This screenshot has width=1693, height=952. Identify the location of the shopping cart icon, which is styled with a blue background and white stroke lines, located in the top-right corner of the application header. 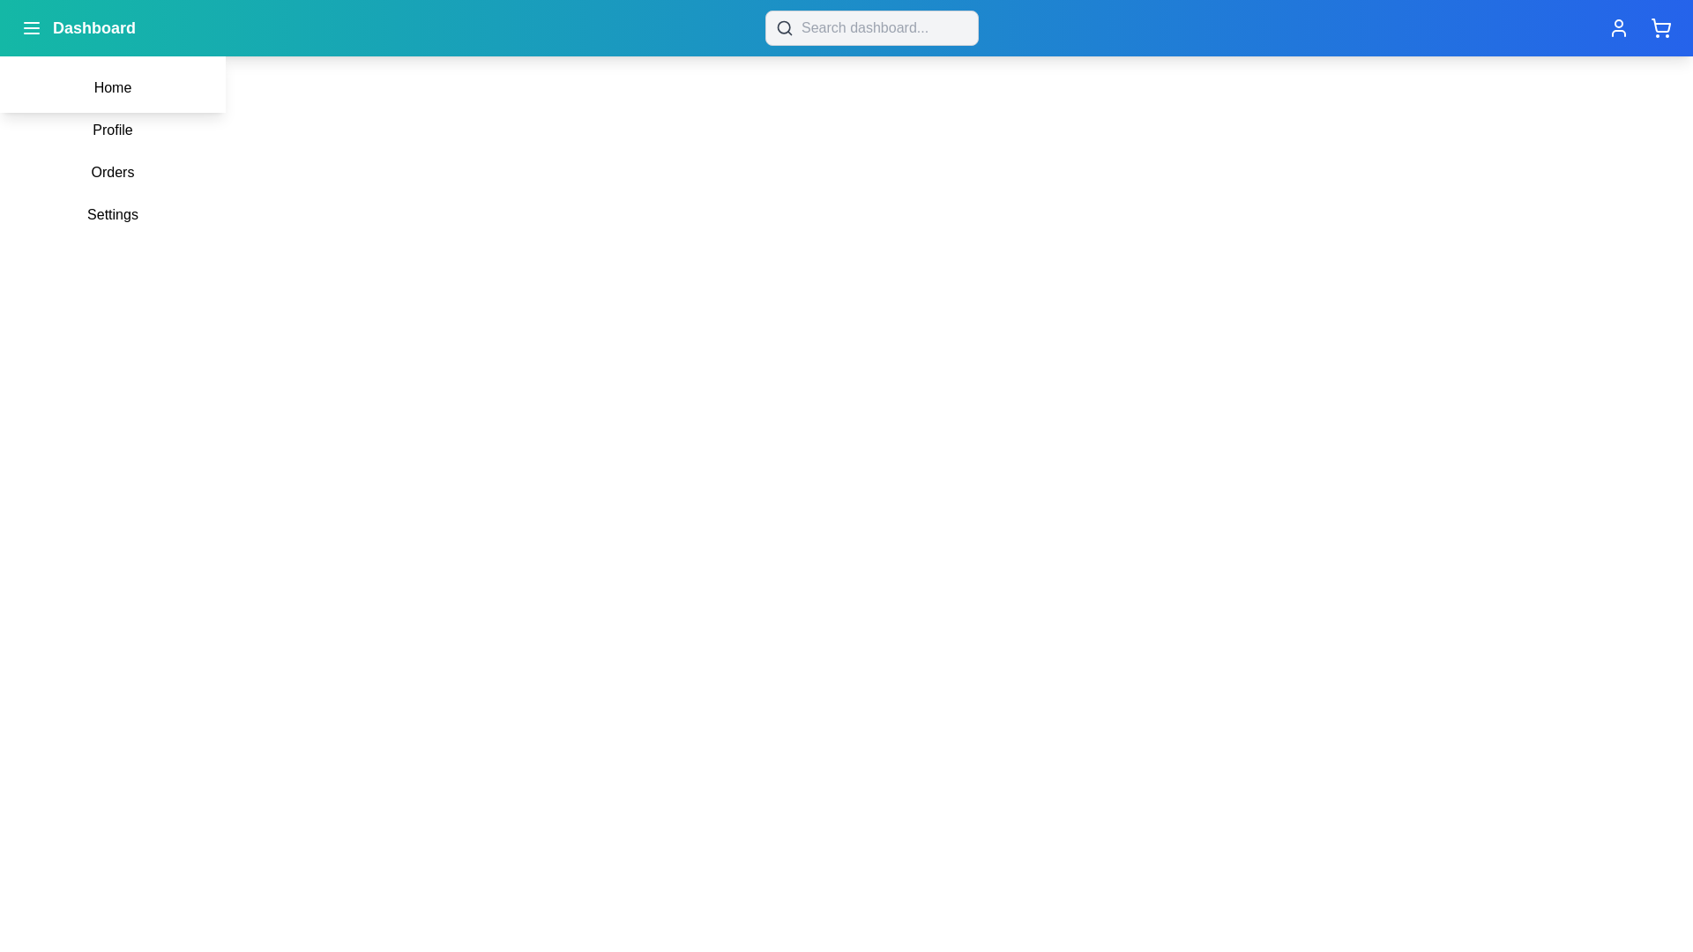
(1659, 27).